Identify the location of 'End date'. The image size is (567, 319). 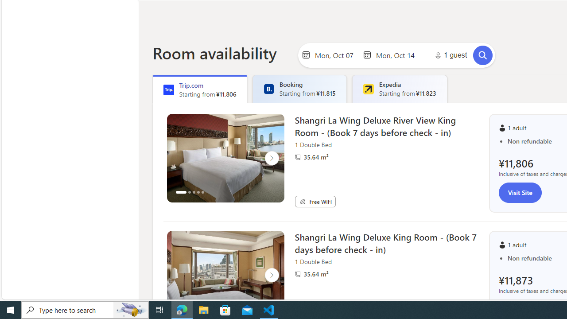
(397, 54).